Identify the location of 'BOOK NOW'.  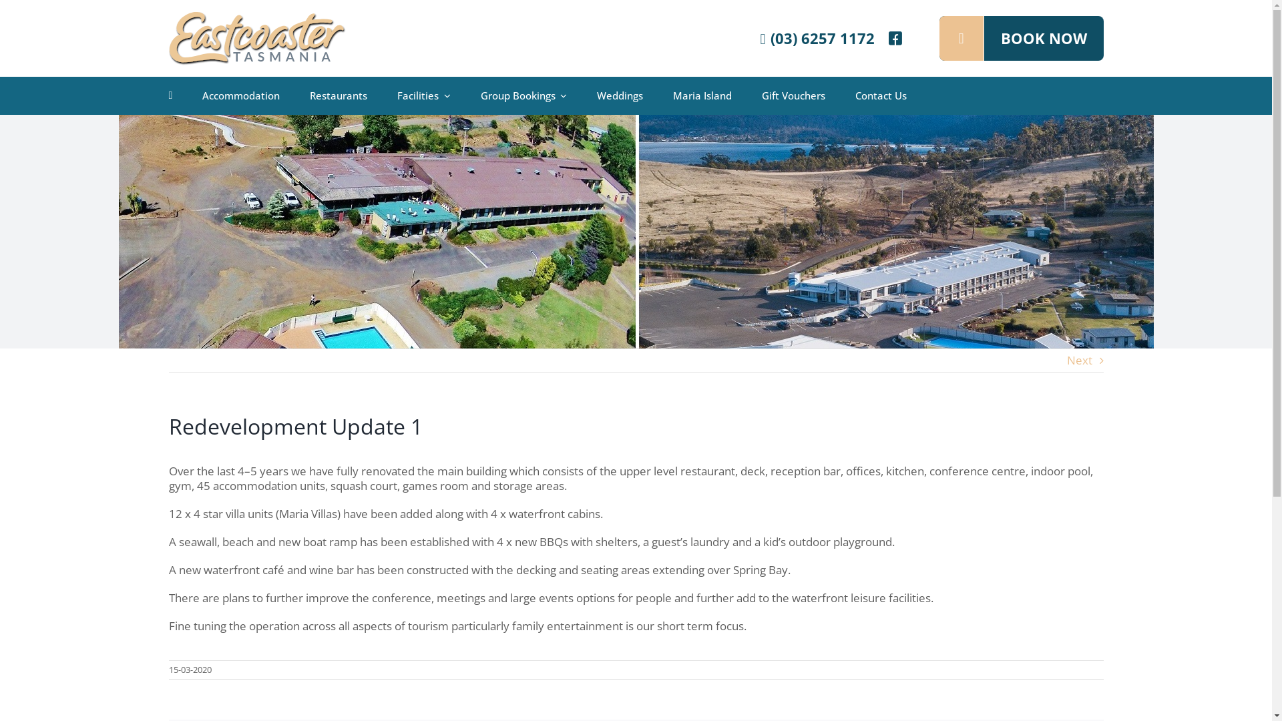
(1020, 37).